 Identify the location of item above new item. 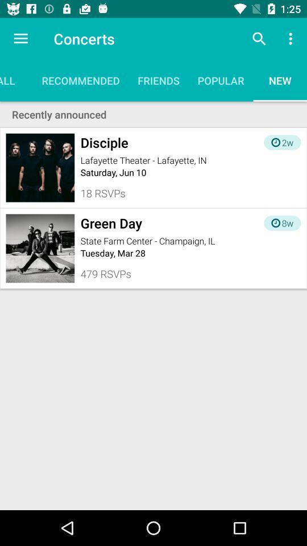
(292, 39).